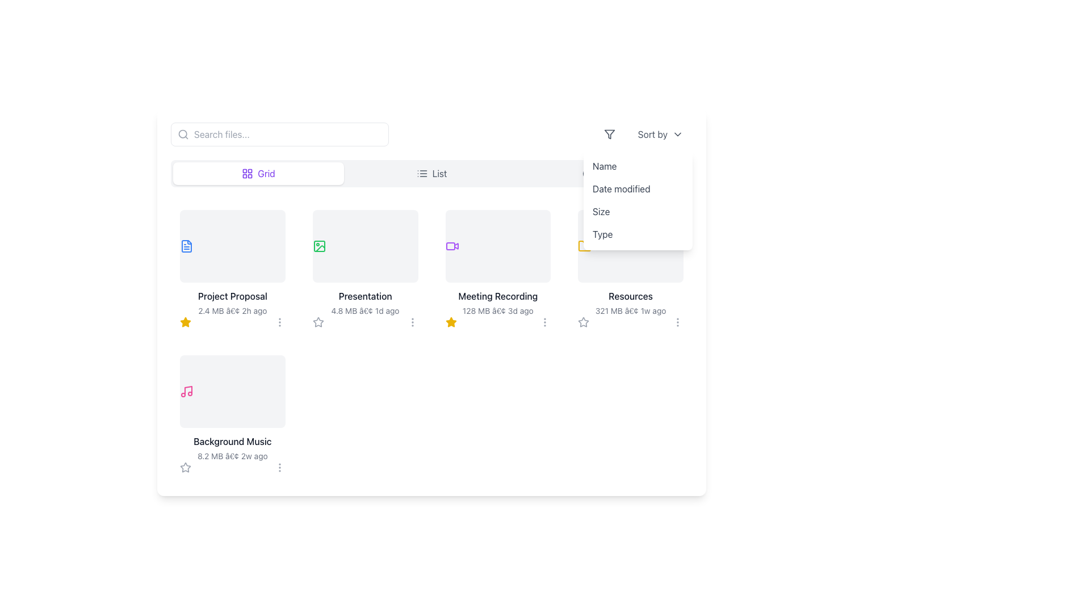  What do you see at coordinates (498, 263) in the screenshot?
I see `the File card, which is the third item in the grid view layout` at bounding box center [498, 263].